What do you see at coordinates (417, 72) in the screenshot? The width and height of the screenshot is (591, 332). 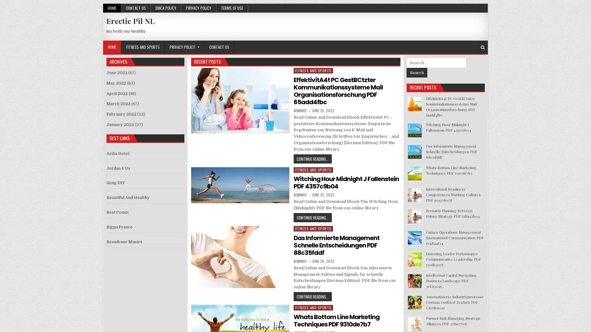 I see `Search` at bounding box center [417, 72].